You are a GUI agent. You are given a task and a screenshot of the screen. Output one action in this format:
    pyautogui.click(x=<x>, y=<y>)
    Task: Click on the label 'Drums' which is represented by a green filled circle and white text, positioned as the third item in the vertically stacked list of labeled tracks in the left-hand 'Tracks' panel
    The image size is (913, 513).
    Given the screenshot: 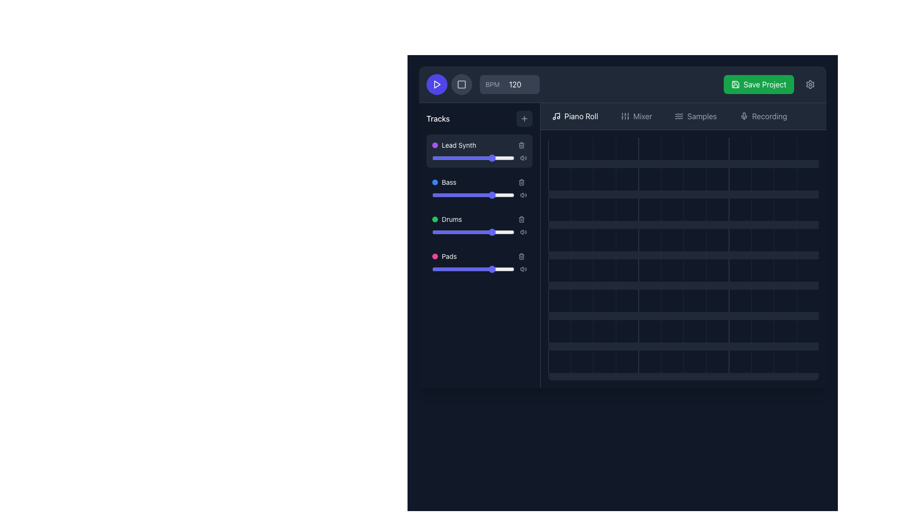 What is the action you would take?
    pyautogui.click(x=447, y=219)
    